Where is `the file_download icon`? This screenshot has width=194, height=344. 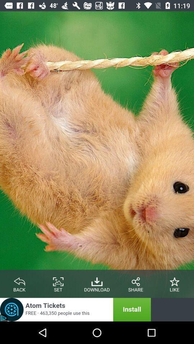
the file_download icon is located at coordinates (97, 280).